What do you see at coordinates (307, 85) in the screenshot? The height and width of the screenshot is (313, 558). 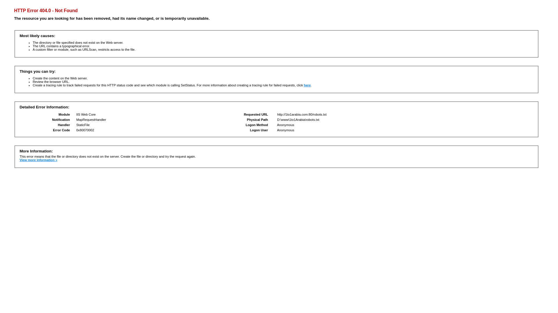 I see `'here'` at bounding box center [307, 85].